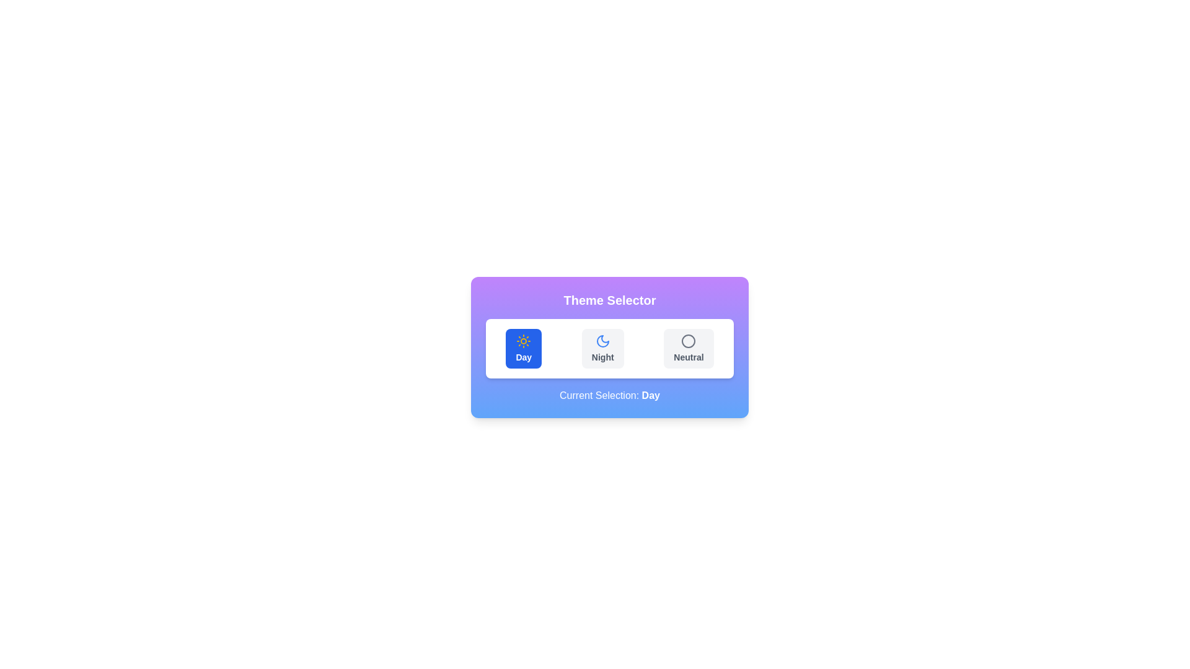  Describe the element at coordinates (609, 396) in the screenshot. I see `text label that displays 'Current Selection: Day', which is styled in white on a blue gradient background and located below the theme selection options in the card component` at that location.